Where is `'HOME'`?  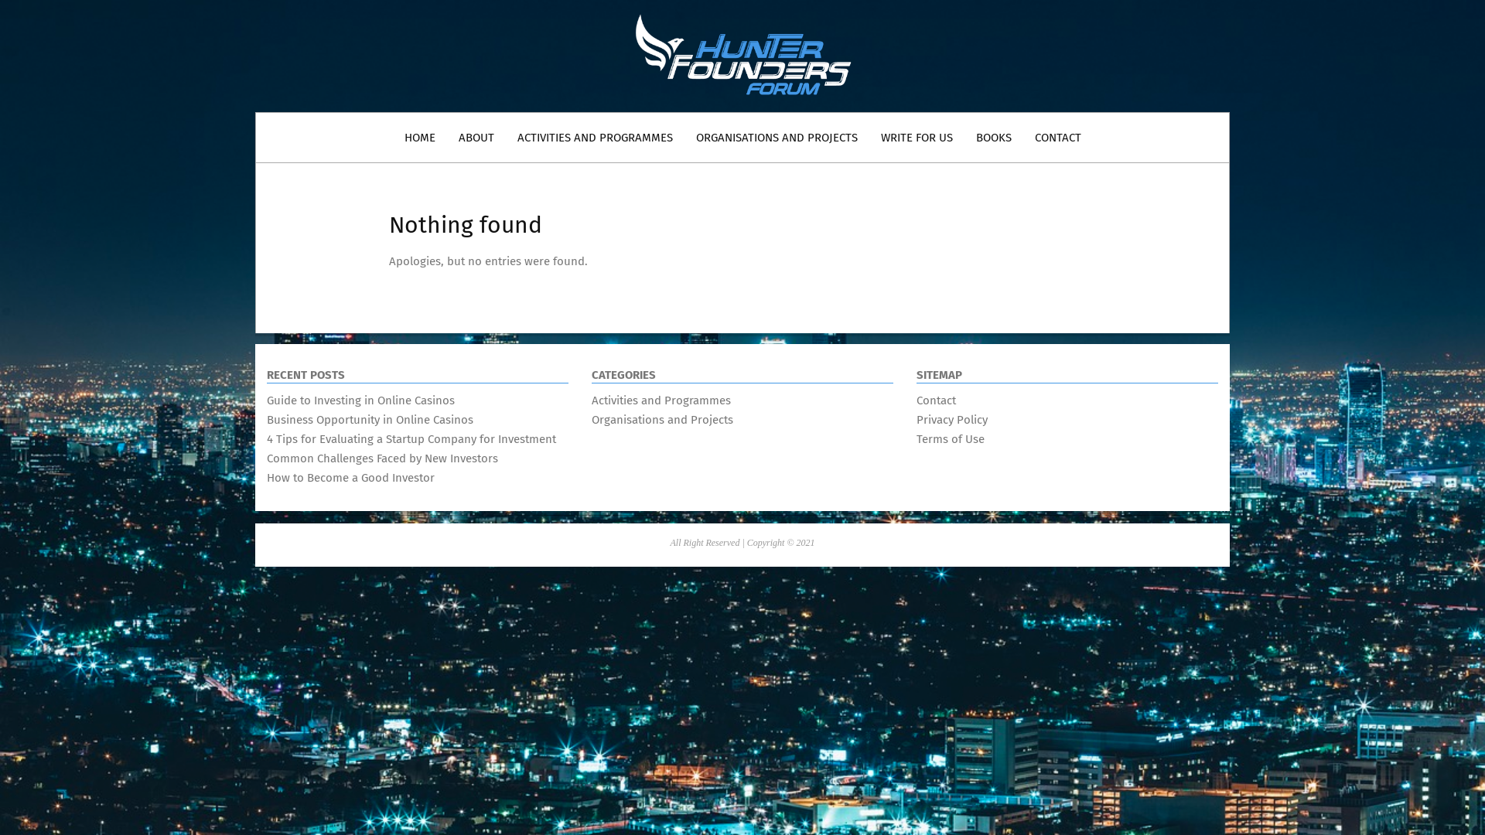
'HOME' is located at coordinates (419, 136).